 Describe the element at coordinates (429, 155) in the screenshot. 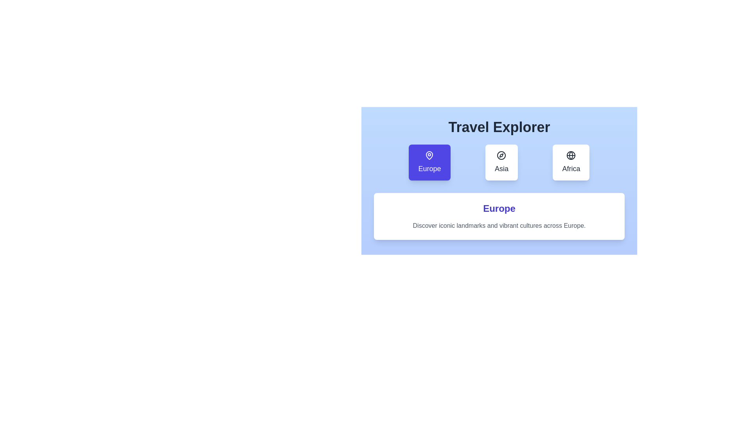

I see `the SVG icon representing a map location marker that is centrally aligned above the 'Europe' text in the first card of the three visually grouped cards` at that location.